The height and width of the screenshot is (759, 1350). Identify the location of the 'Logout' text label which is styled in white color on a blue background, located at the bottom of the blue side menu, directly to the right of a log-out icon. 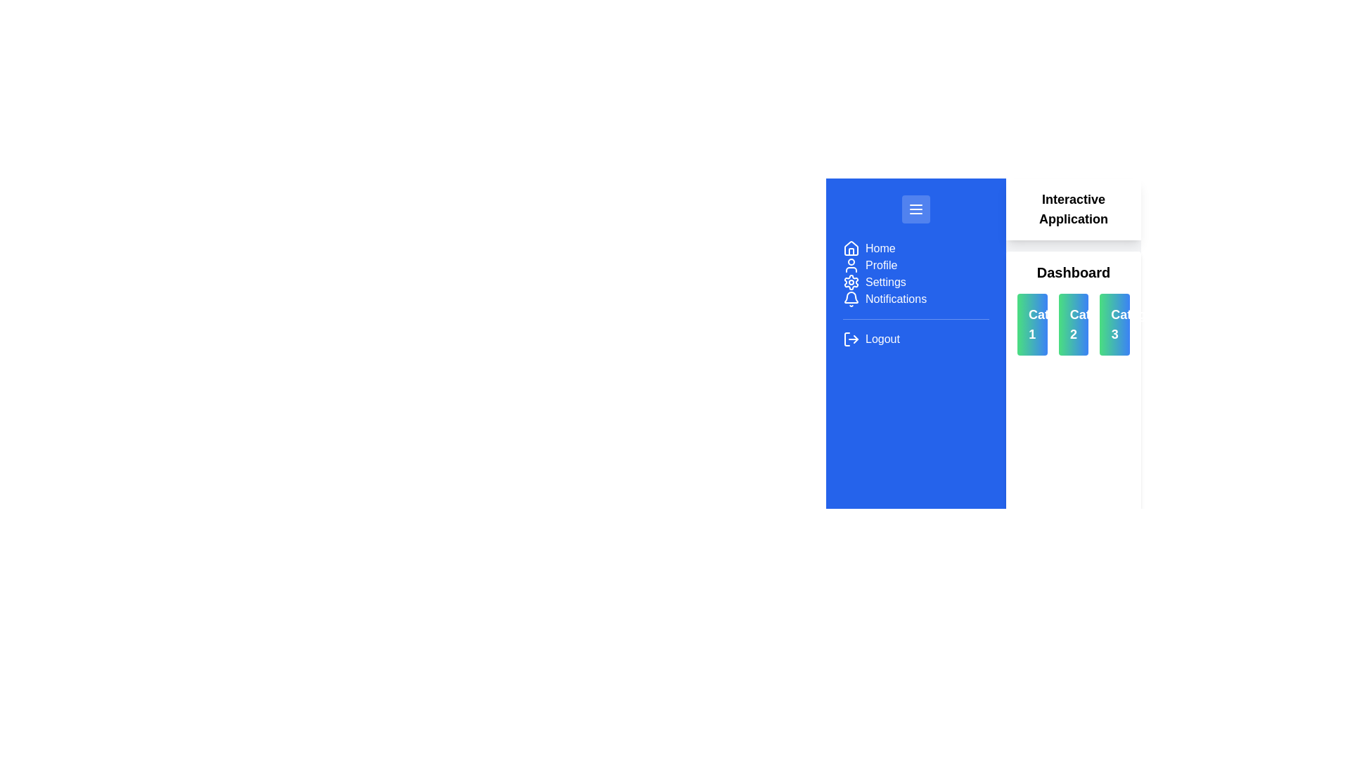
(882, 339).